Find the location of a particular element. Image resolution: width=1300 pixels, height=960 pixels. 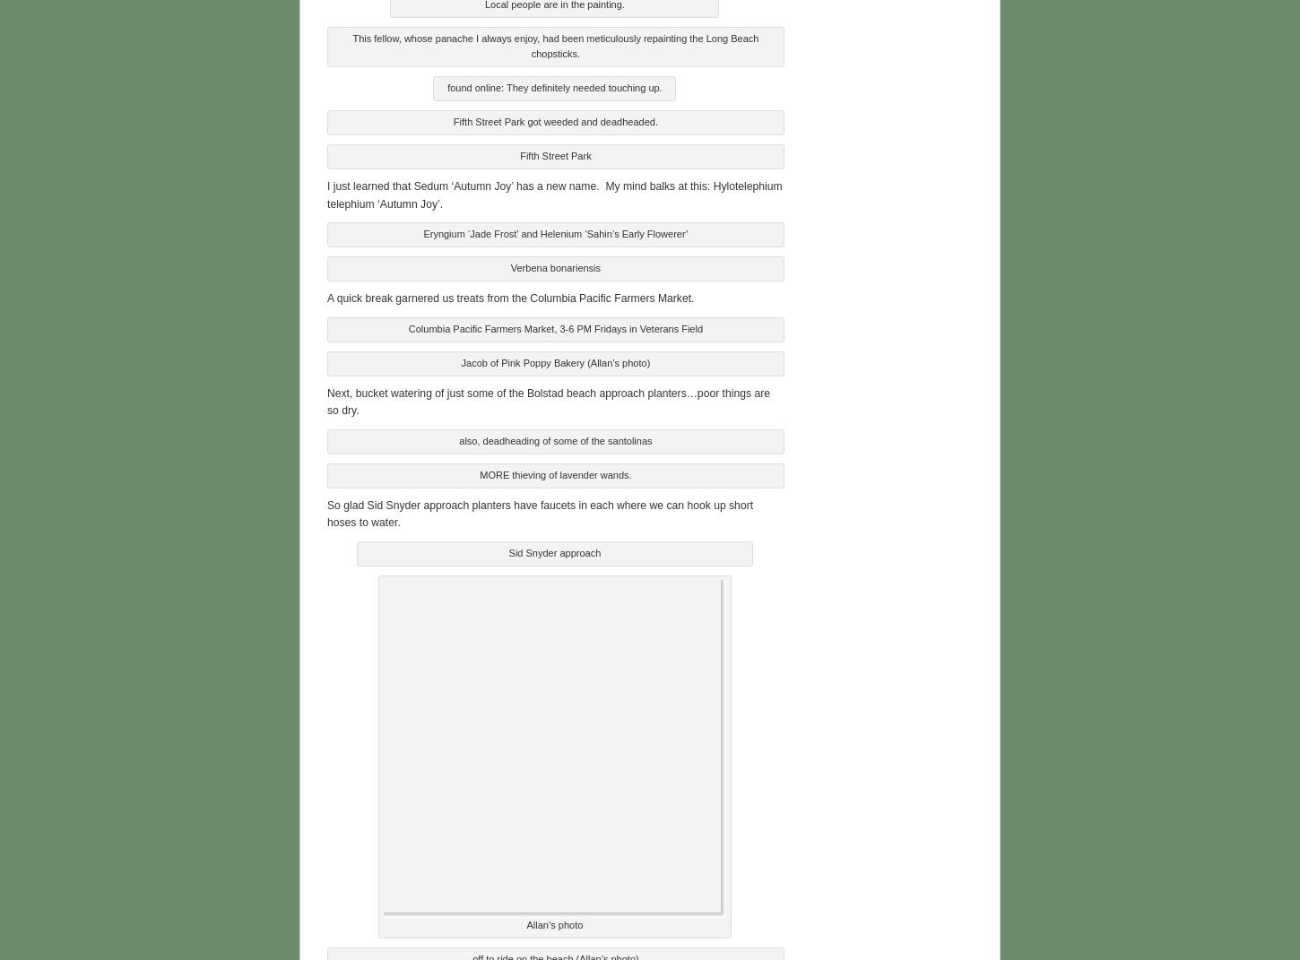

'Verbena bonariensis' is located at coordinates (509, 265).